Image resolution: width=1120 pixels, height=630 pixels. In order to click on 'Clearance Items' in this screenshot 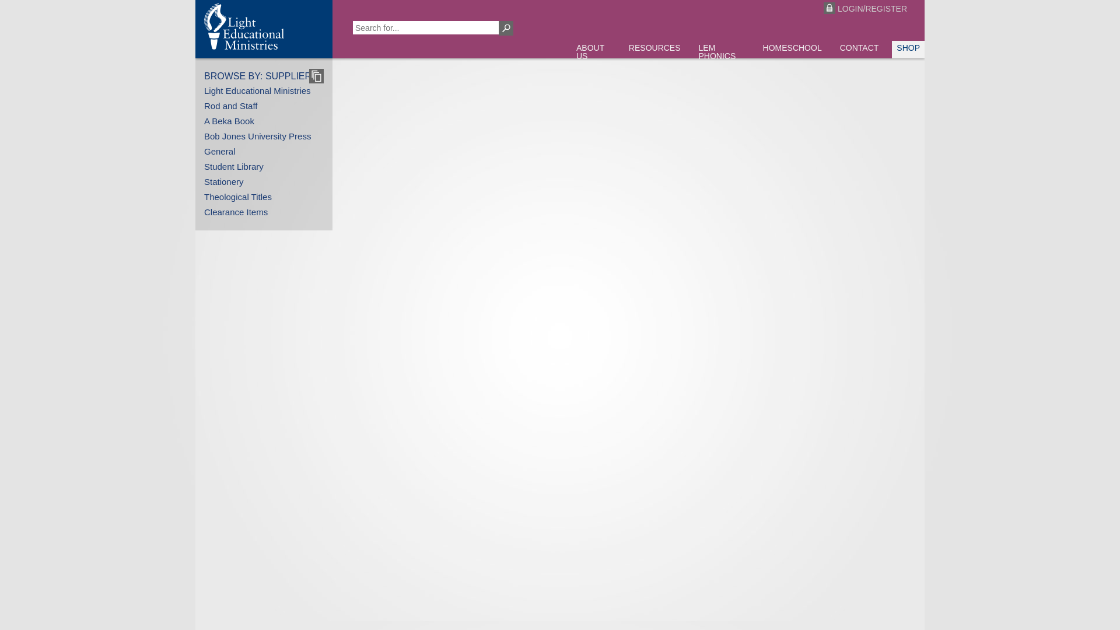, I will do `click(235, 212)`.